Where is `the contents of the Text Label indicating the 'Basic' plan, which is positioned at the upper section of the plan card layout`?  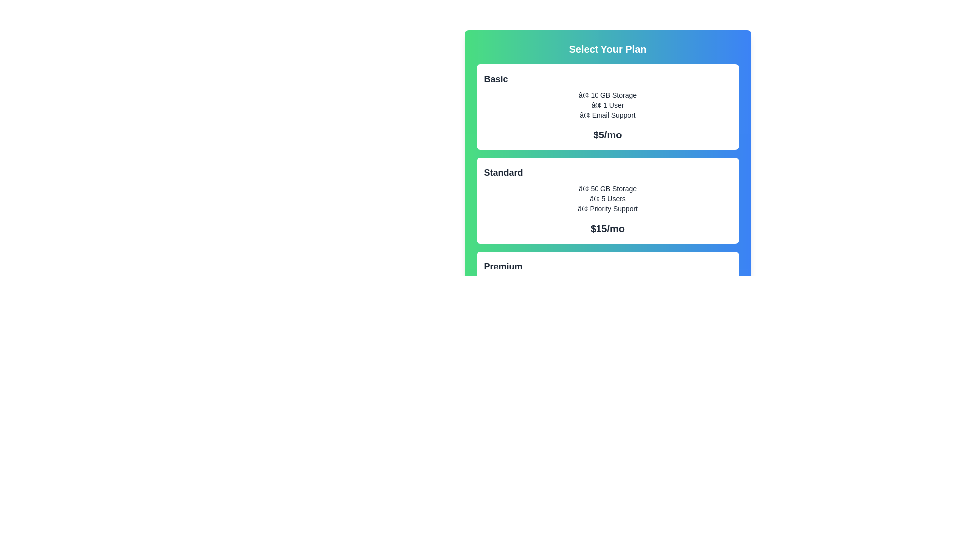
the contents of the Text Label indicating the 'Basic' plan, which is positioned at the upper section of the plan card layout is located at coordinates (607, 78).